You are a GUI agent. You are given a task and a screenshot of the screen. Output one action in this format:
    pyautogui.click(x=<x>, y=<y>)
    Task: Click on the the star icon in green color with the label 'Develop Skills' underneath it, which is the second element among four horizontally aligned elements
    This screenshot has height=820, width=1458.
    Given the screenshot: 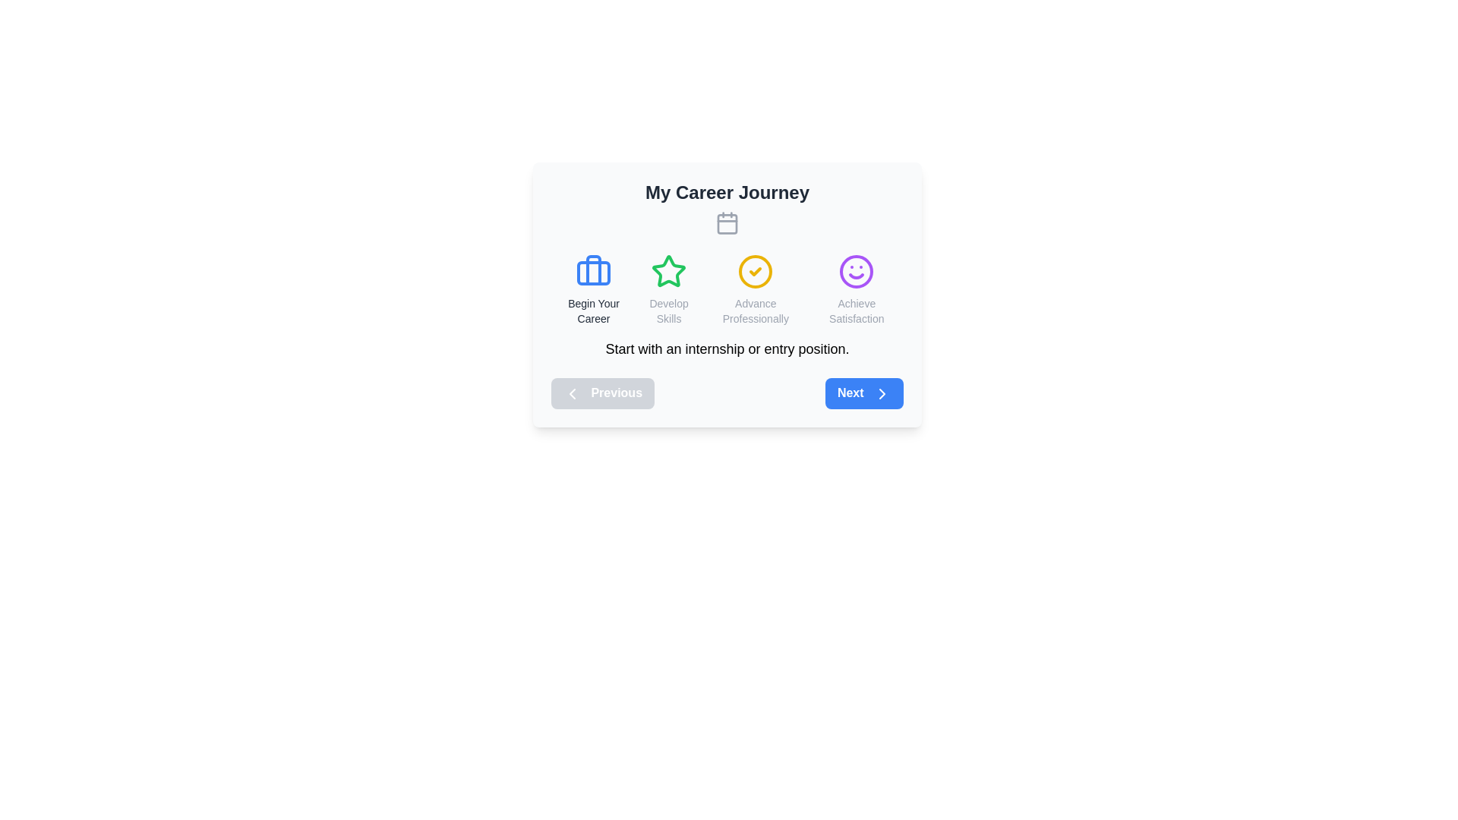 What is the action you would take?
    pyautogui.click(x=668, y=289)
    